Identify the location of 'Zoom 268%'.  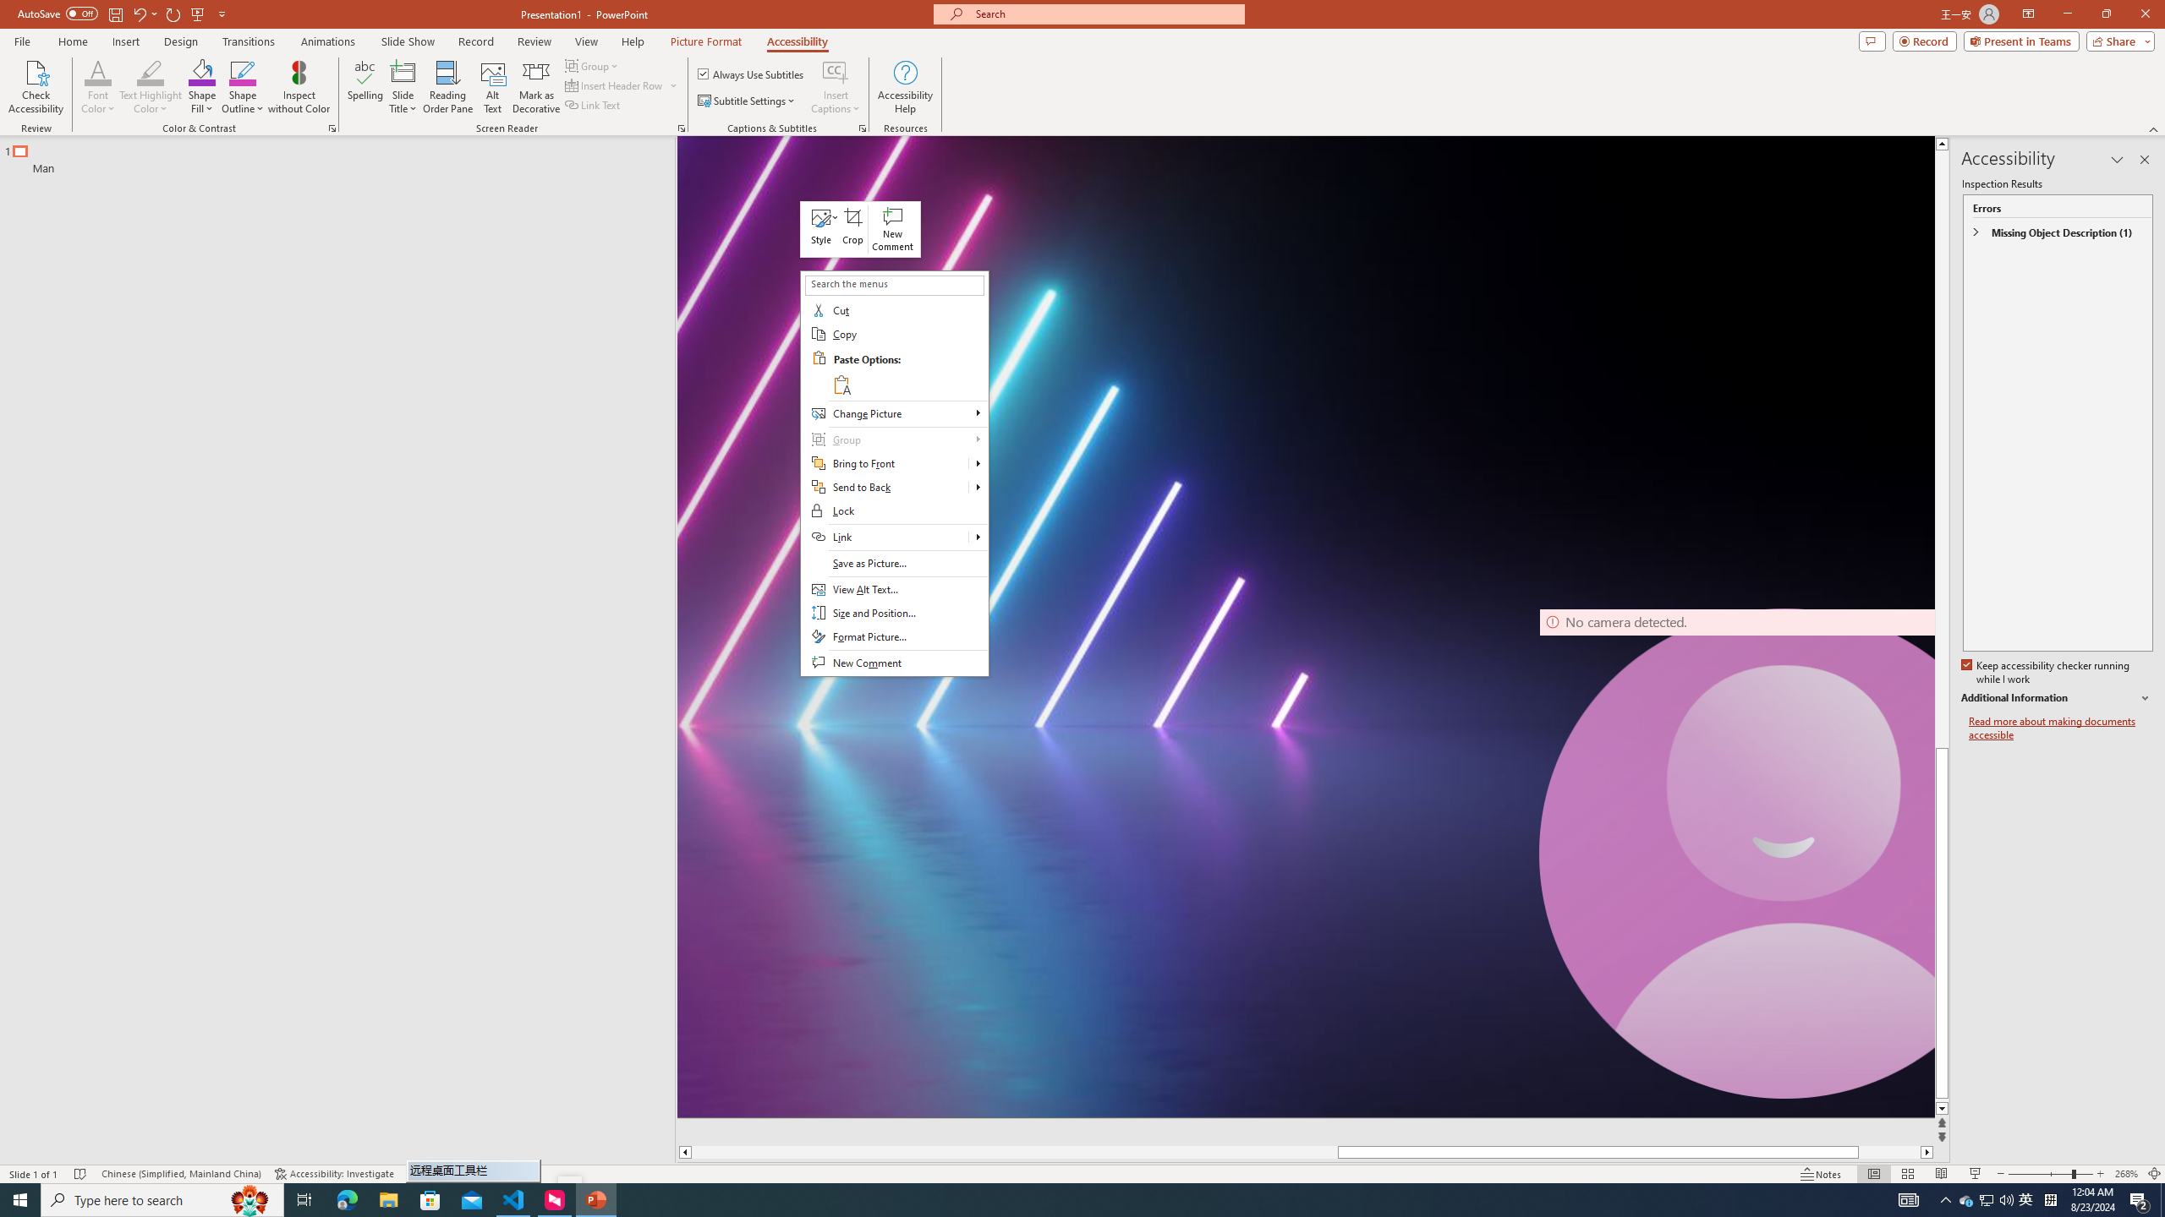
(2127, 1174).